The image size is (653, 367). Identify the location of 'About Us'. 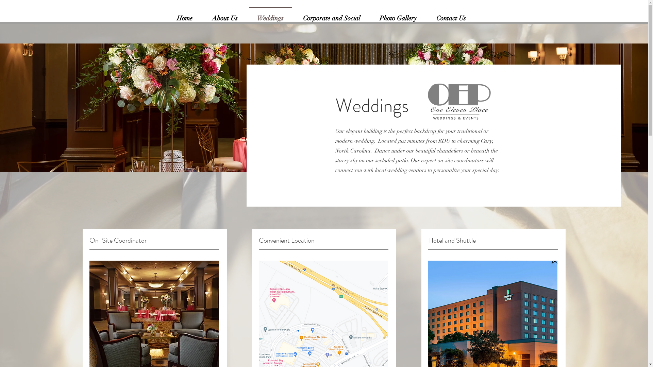
(202, 15).